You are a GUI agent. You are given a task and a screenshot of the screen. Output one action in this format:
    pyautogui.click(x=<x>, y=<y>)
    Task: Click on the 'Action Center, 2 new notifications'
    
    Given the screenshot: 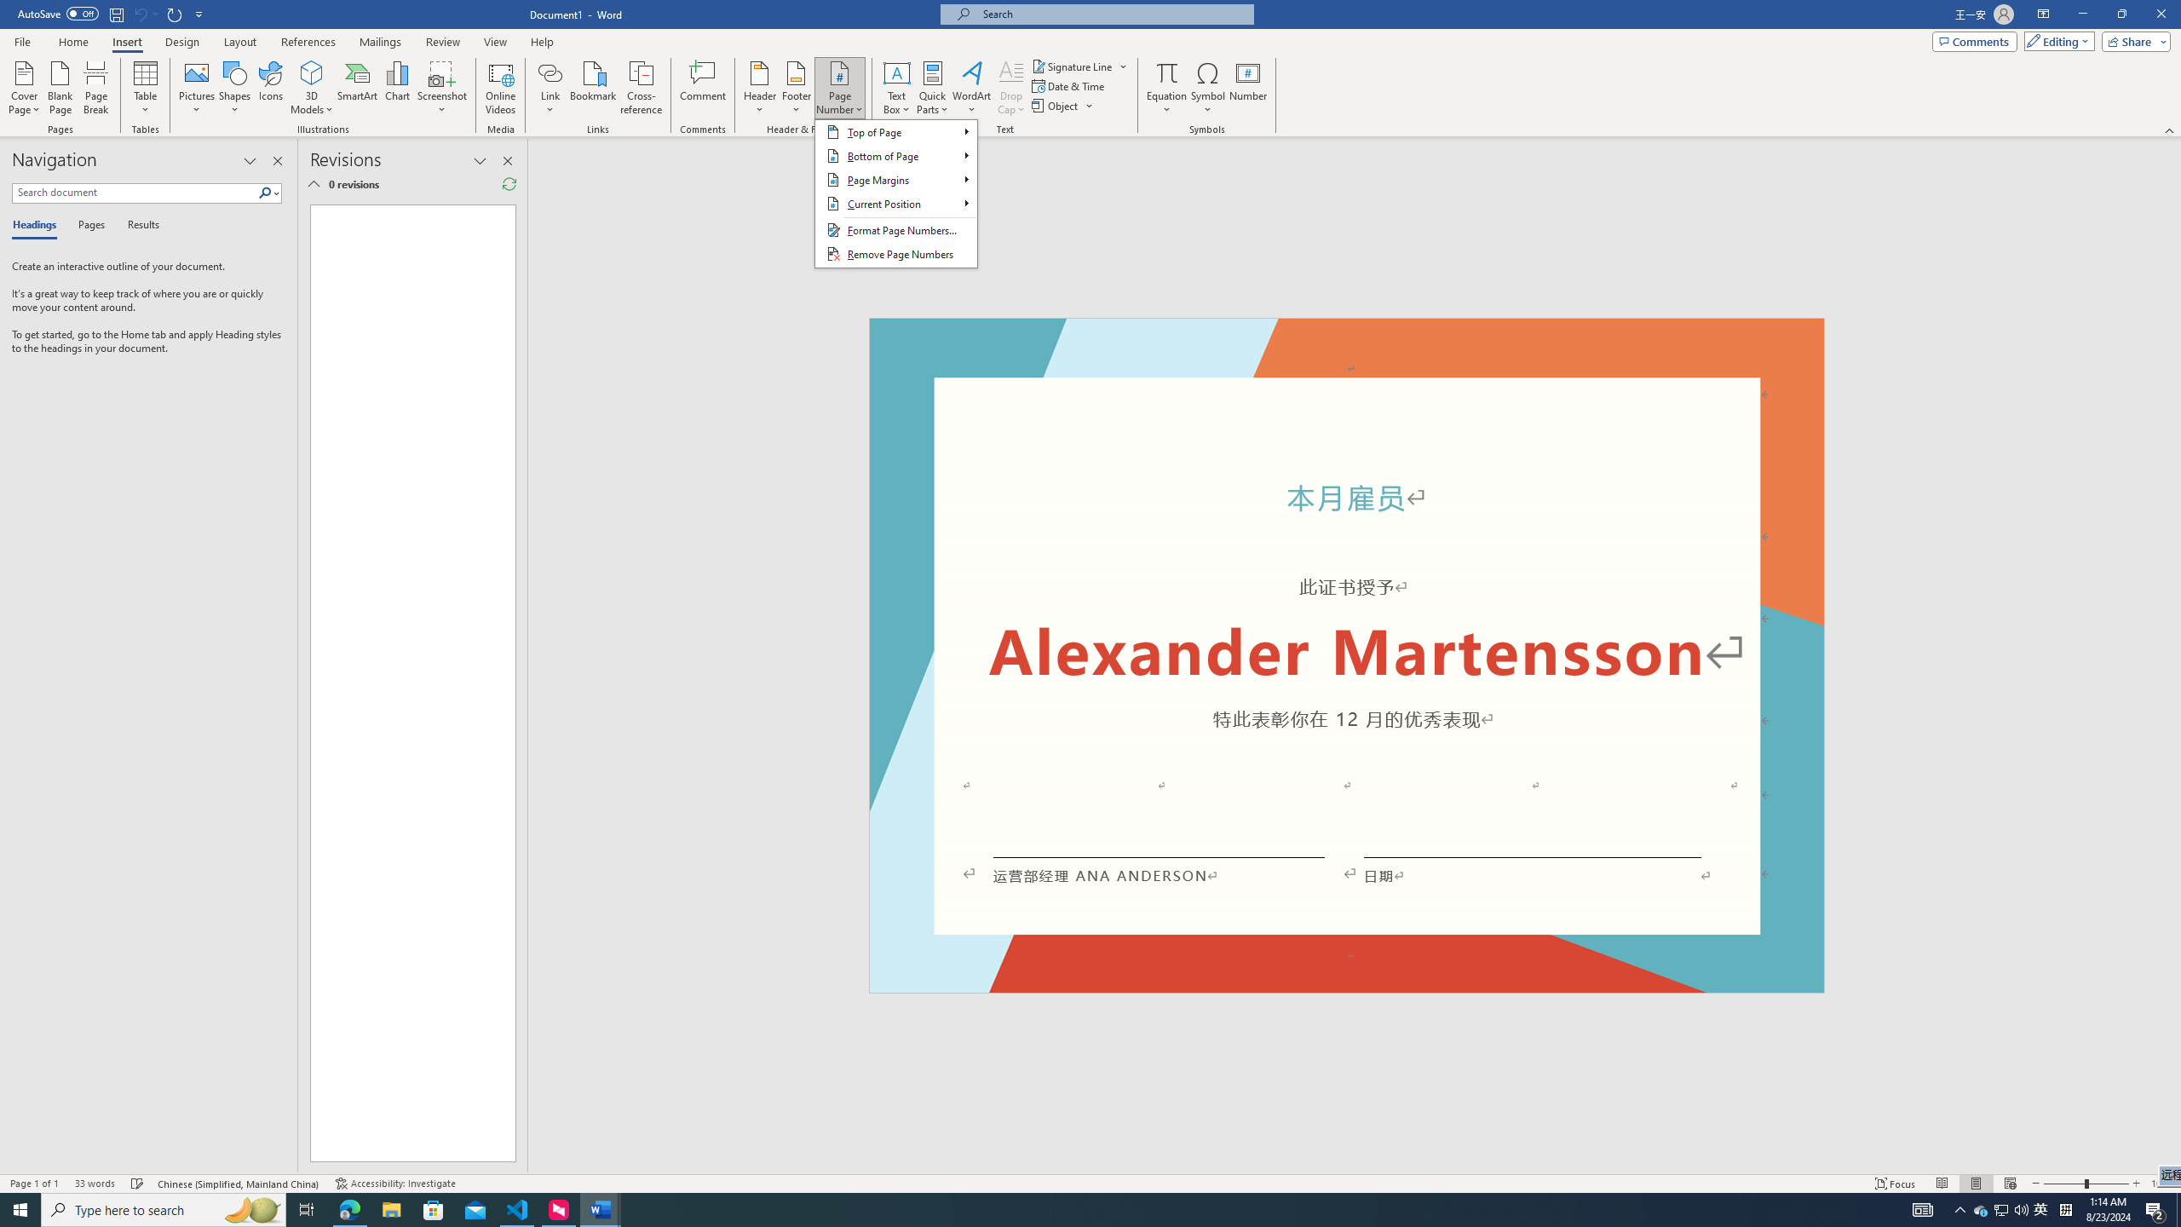 What is the action you would take?
    pyautogui.click(x=2155, y=1208)
    